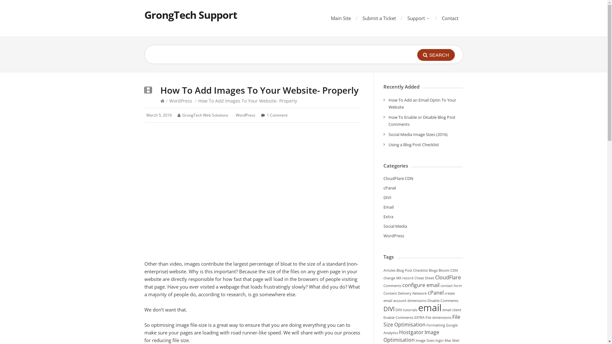  Describe the element at coordinates (418, 18) in the screenshot. I see `'Support'` at that location.